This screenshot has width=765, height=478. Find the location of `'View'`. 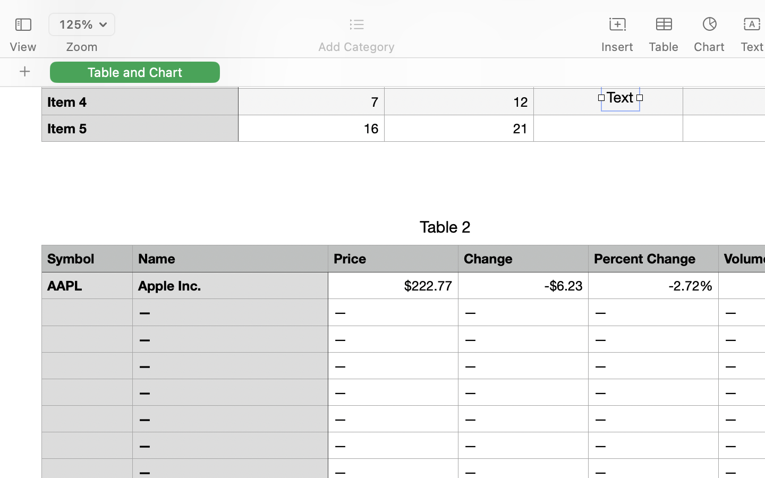

'View' is located at coordinates (22, 46).